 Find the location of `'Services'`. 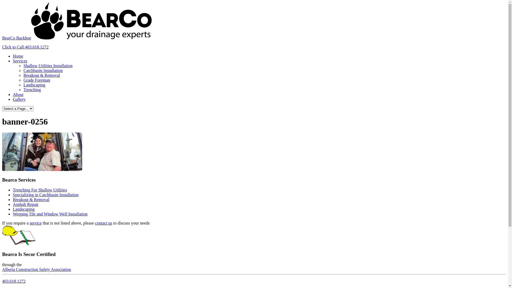

'Services' is located at coordinates (20, 61).